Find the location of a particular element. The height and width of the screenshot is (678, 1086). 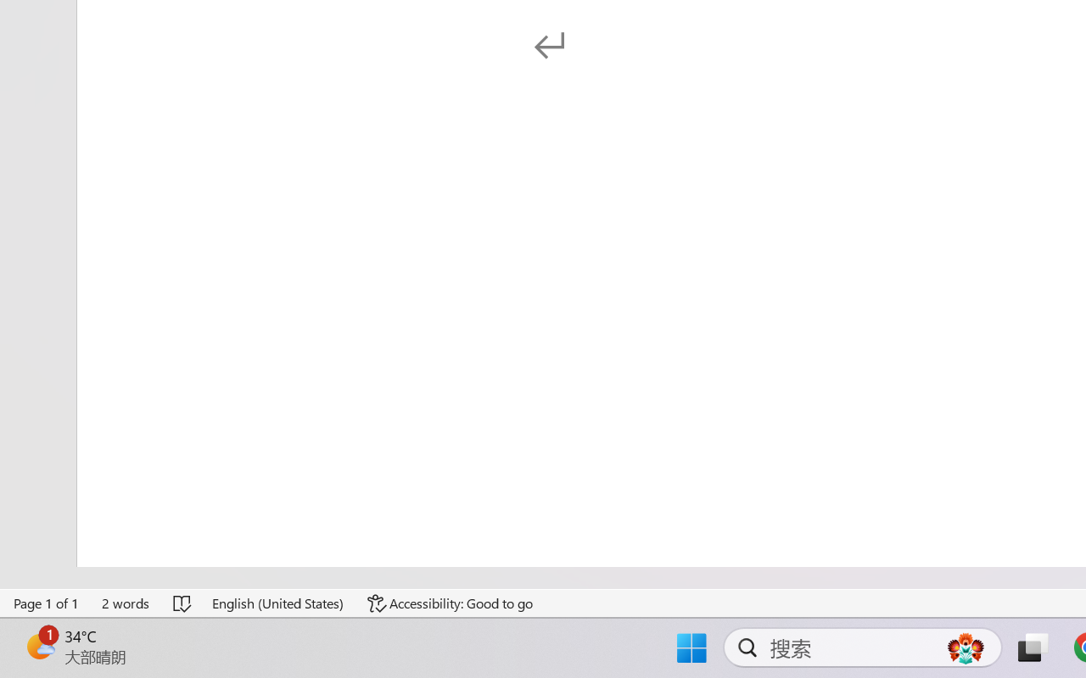

'AutomationID: DynamicSearchBoxGleamImage' is located at coordinates (966, 647).